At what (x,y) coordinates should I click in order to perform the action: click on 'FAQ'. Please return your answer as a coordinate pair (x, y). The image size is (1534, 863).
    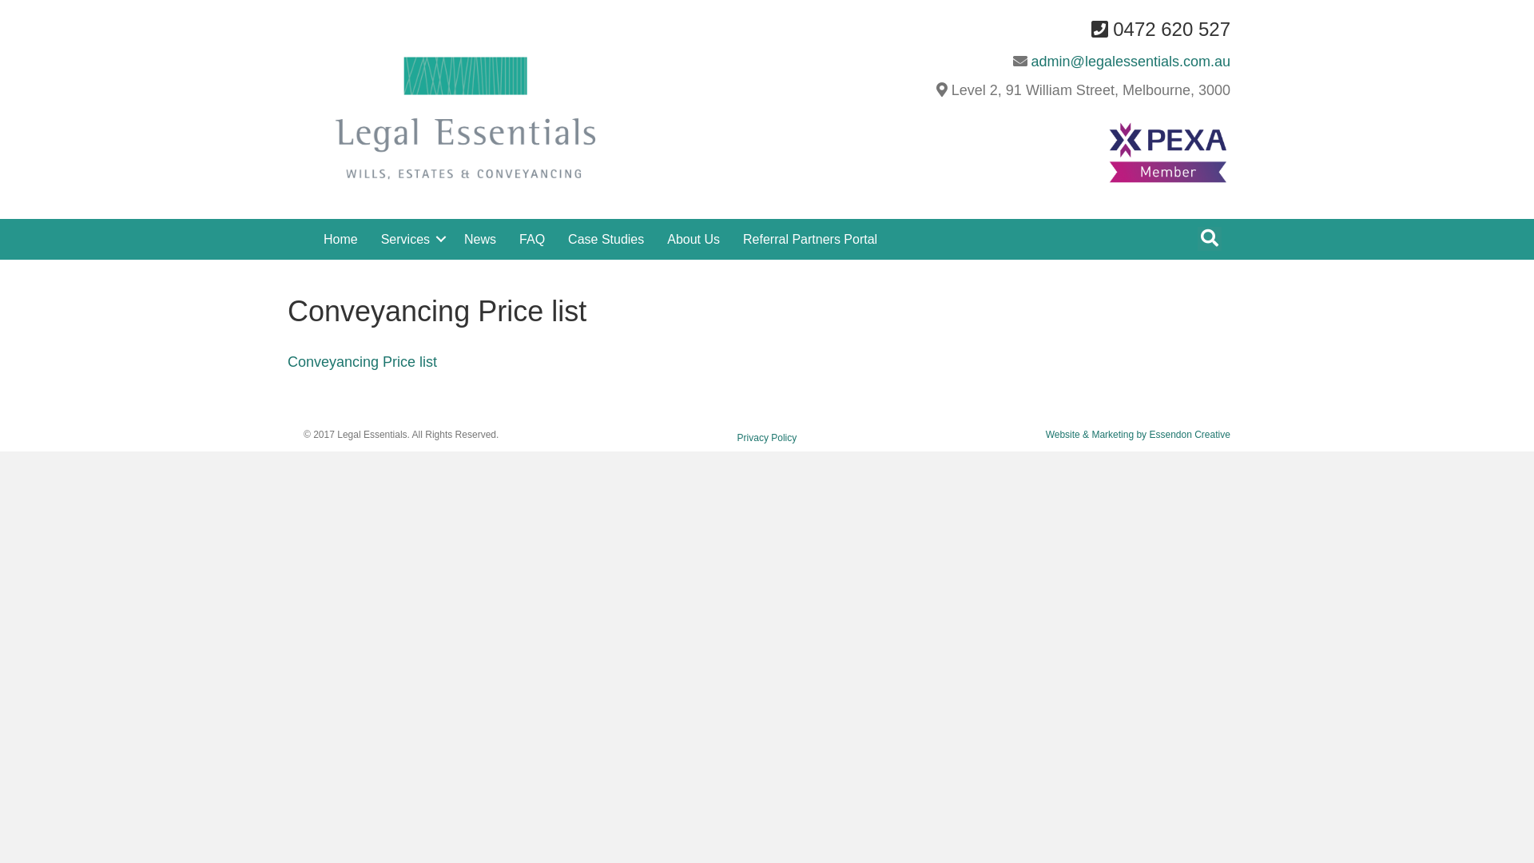
    Looking at the image, I should click on (532, 239).